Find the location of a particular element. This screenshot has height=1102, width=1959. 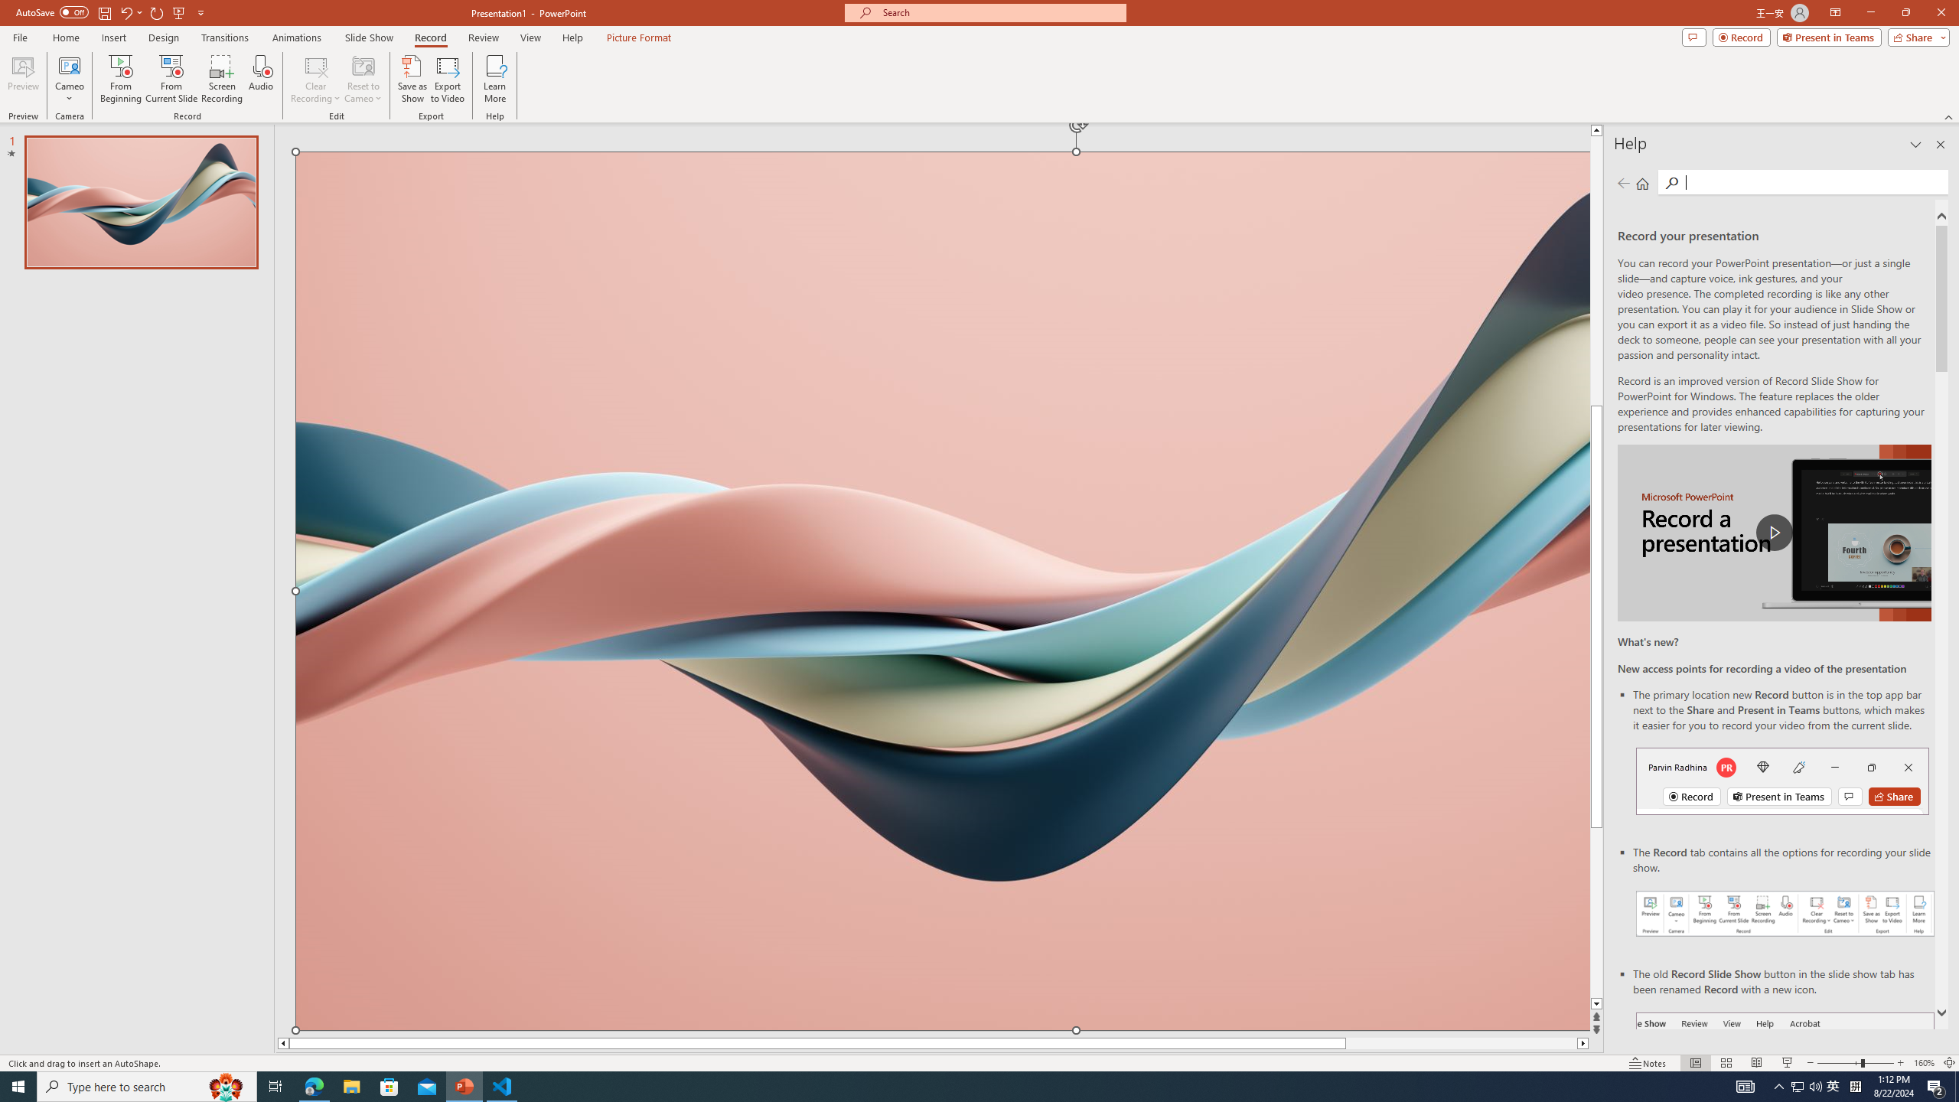

'Normal' is located at coordinates (1694, 1063).